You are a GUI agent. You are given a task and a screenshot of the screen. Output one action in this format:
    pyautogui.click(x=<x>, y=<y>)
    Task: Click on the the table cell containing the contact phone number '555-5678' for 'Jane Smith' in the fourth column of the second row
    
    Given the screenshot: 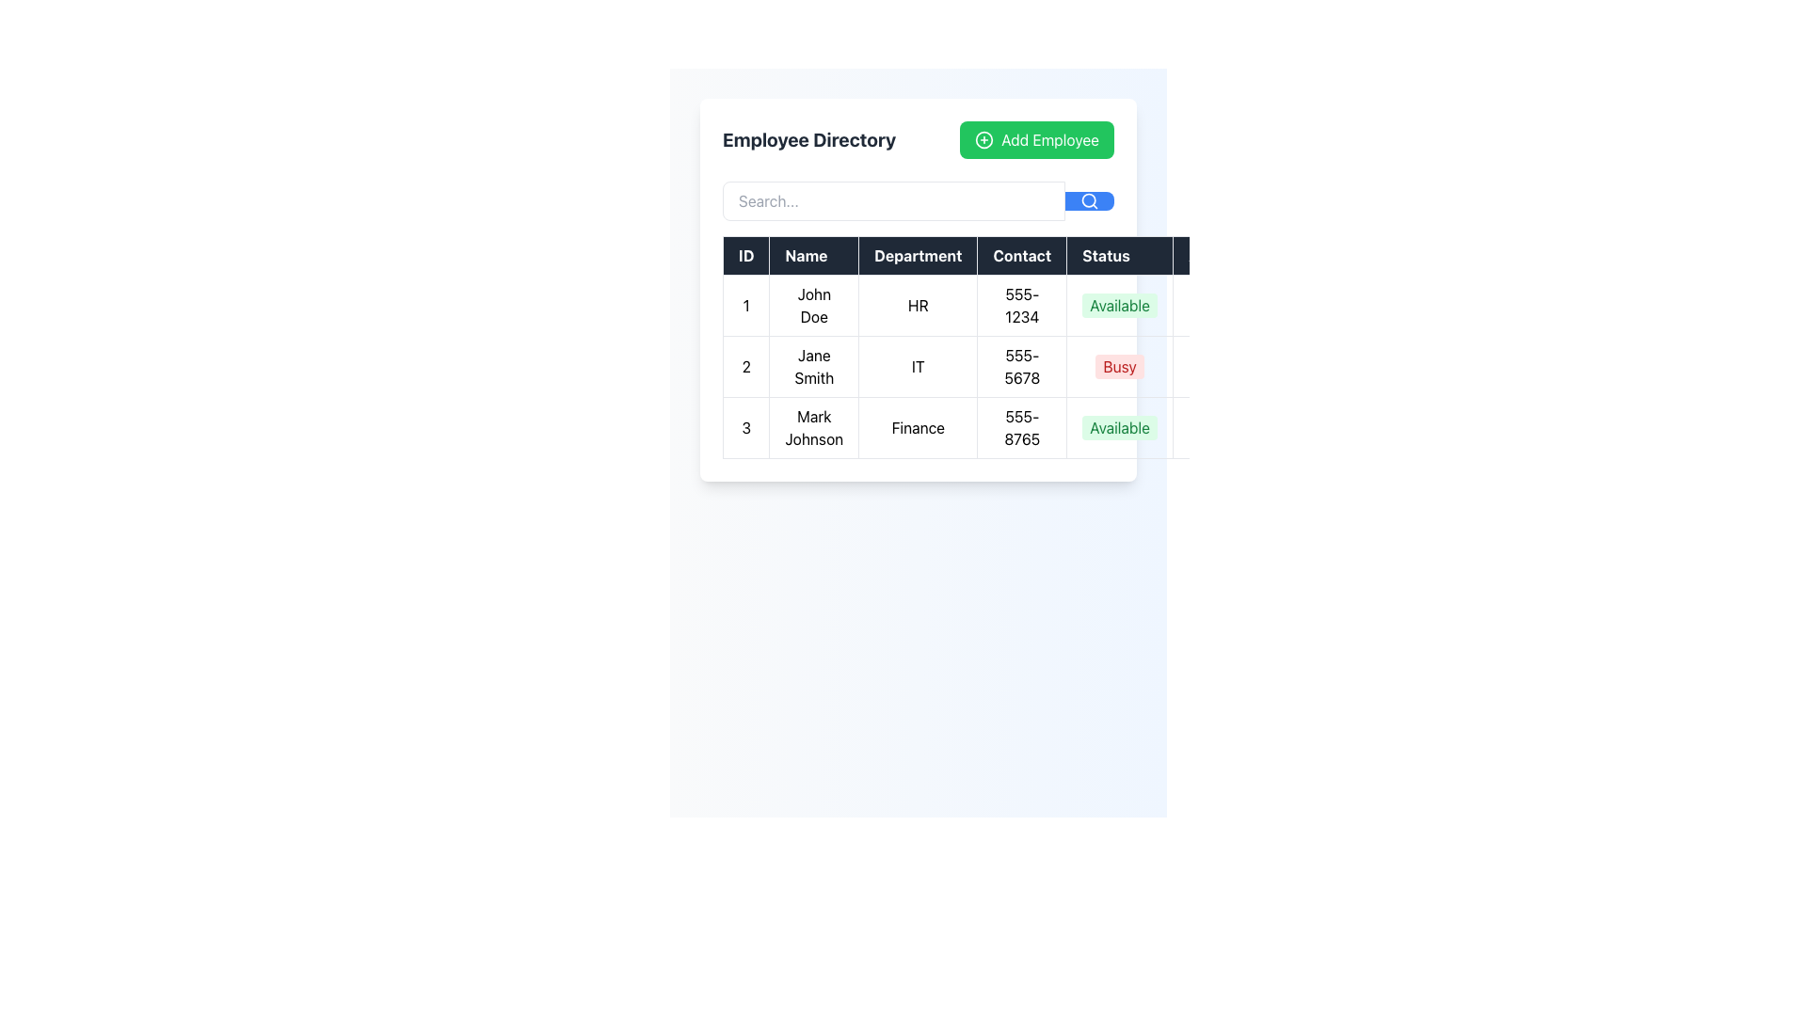 What is the action you would take?
    pyautogui.click(x=1020, y=366)
    